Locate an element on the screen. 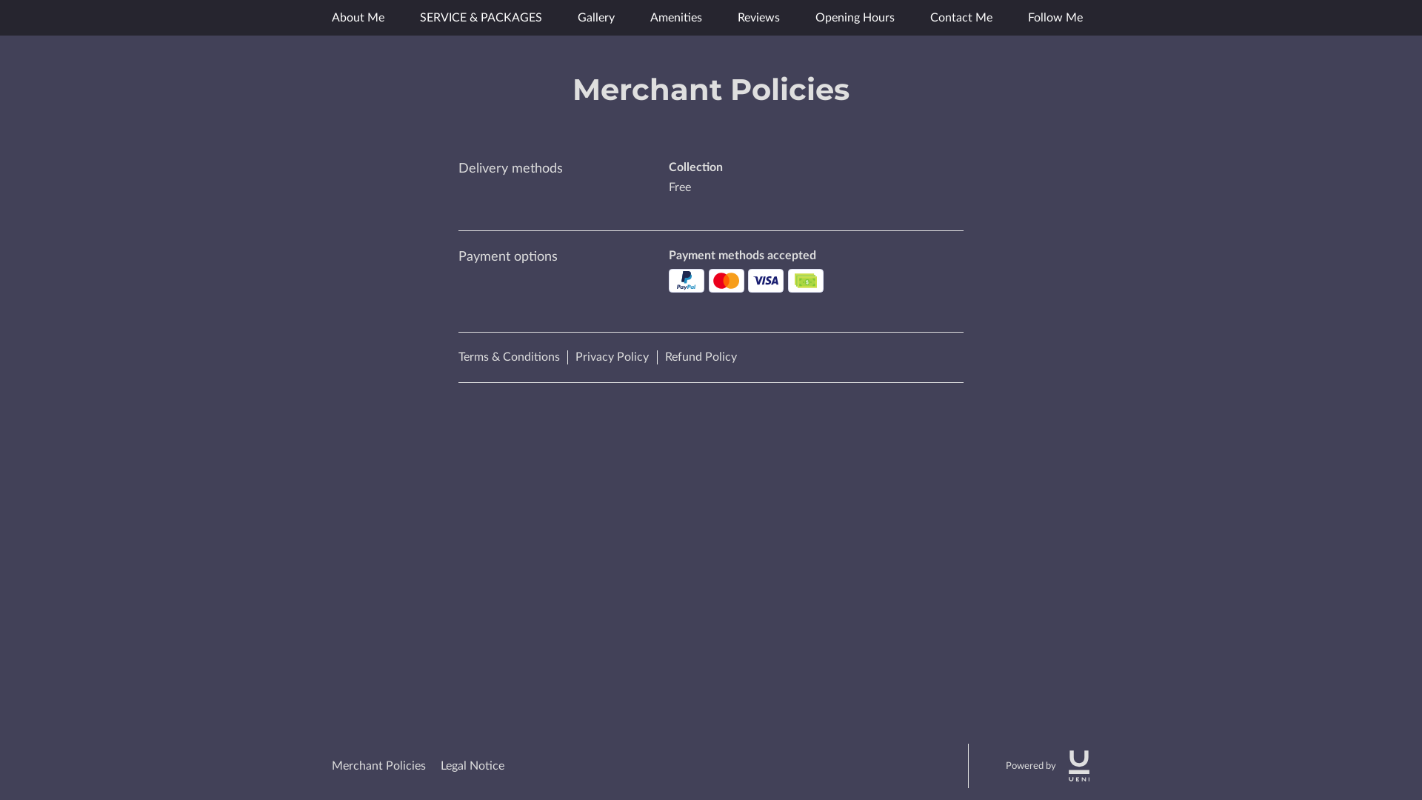  'About Me' is located at coordinates (358, 17).